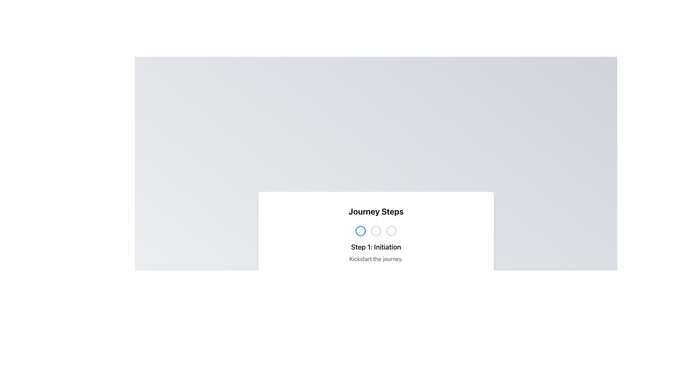 The image size is (673, 378). I want to click on the centered text component labeled 'Step 1: Initiation', which is styled in bold black text and positioned below three circular icons and above a smaller descriptive text, so click(376, 246).